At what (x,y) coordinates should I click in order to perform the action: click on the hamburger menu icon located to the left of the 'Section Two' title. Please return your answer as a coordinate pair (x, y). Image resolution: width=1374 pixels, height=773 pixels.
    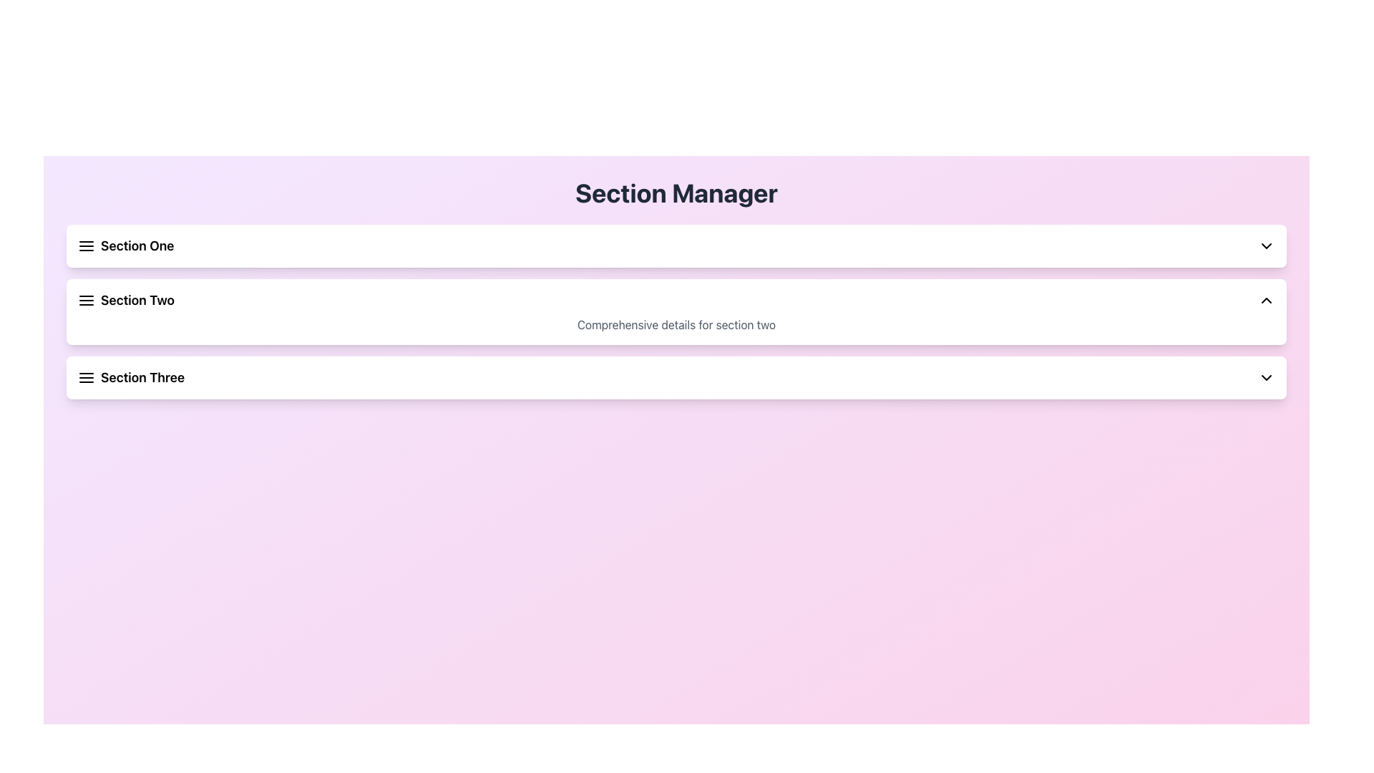
    Looking at the image, I should click on (85, 300).